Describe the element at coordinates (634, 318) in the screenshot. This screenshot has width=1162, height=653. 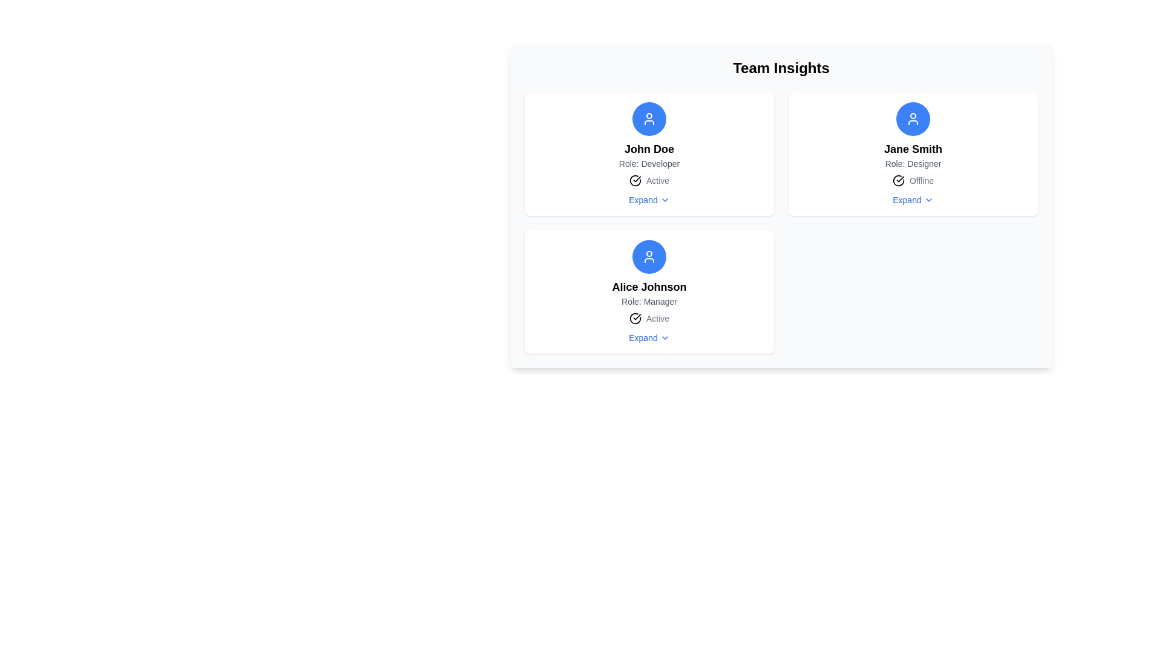
I see `the status indicator icon to the left of the text 'Active' in Alice Johnson's user card` at that location.